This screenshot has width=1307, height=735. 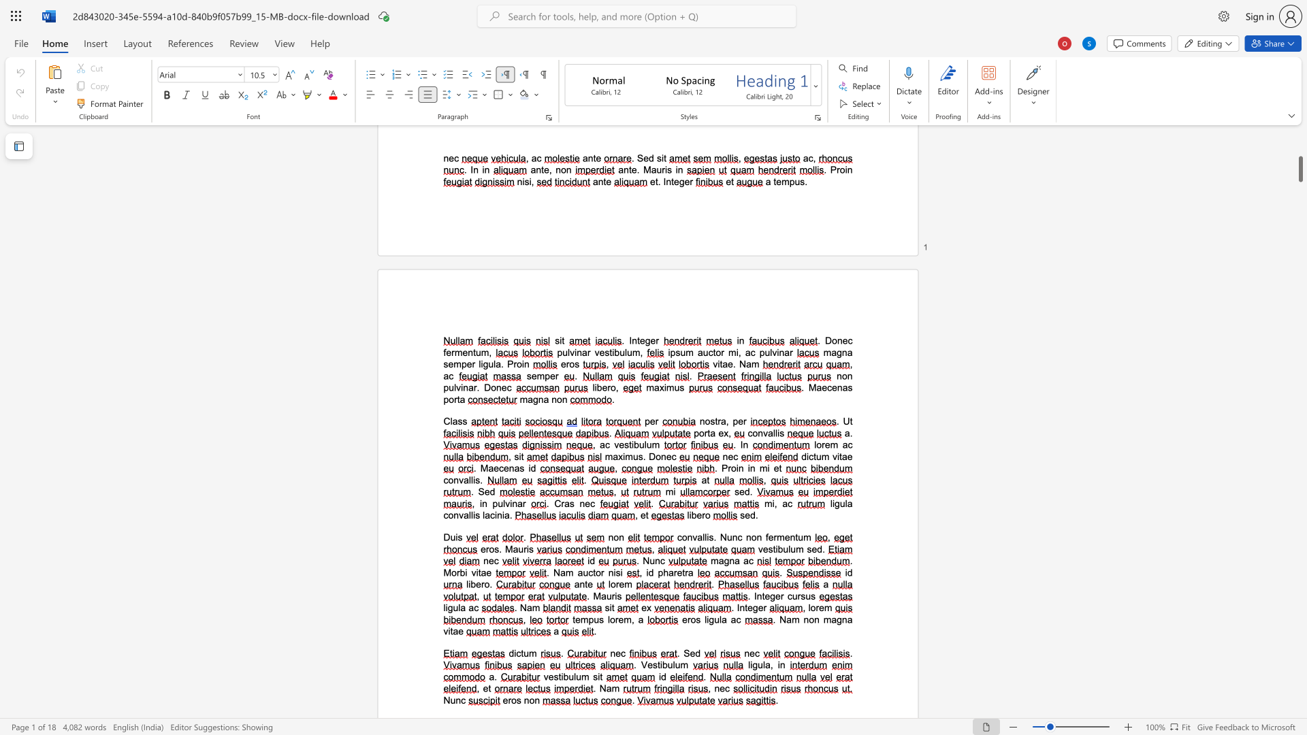 I want to click on the space between the continuous character "t" and "e" in the text, so click(x=639, y=340).